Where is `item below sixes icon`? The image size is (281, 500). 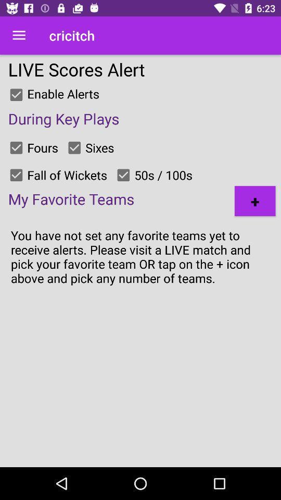
item below sixes icon is located at coordinates (123, 175).